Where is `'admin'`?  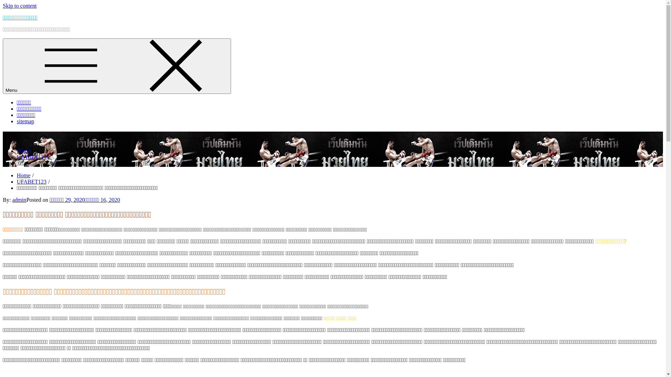
'admin' is located at coordinates (19, 200).